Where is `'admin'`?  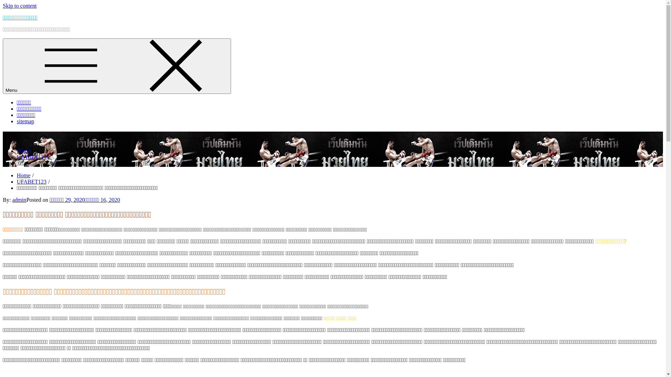
'admin' is located at coordinates (19, 200).